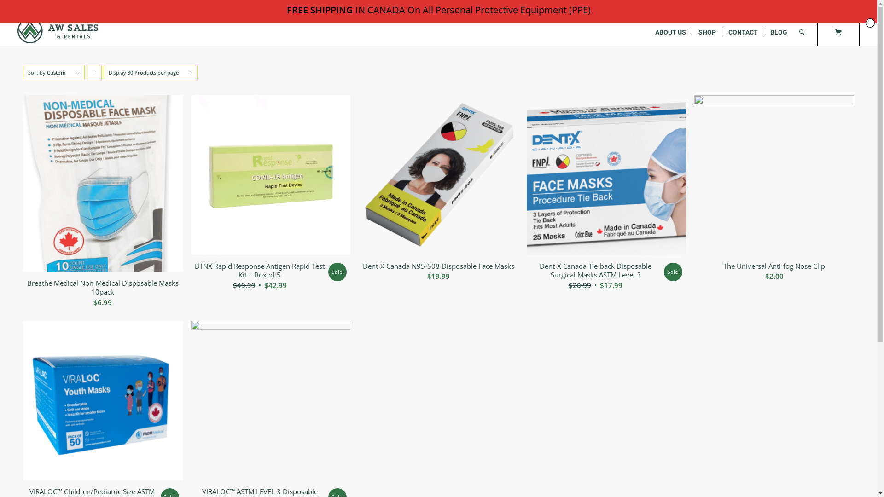 The image size is (884, 497). Describe the element at coordinates (825, 7) in the screenshot. I see `'Facebook'` at that location.